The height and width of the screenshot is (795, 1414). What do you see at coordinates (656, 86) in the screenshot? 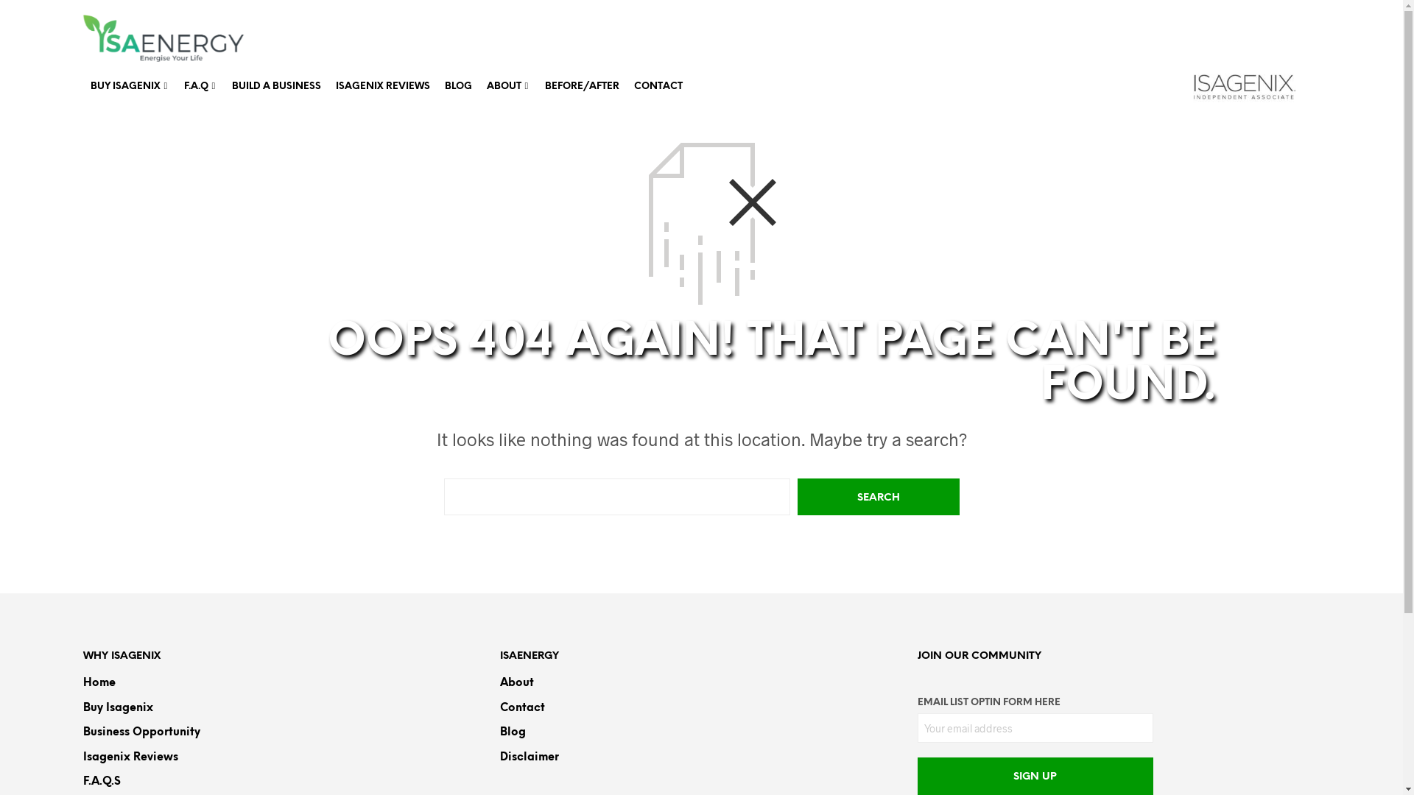
I see `'CONTACT'` at bounding box center [656, 86].